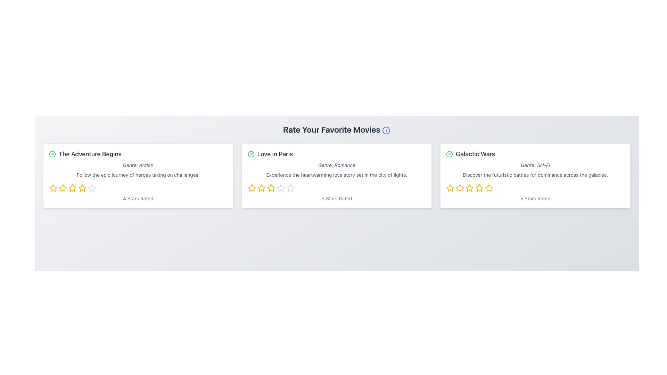 This screenshot has width=667, height=375. I want to click on the second star in the rating system located beneath 'The Adventure Begins' to rate it, so click(82, 188).